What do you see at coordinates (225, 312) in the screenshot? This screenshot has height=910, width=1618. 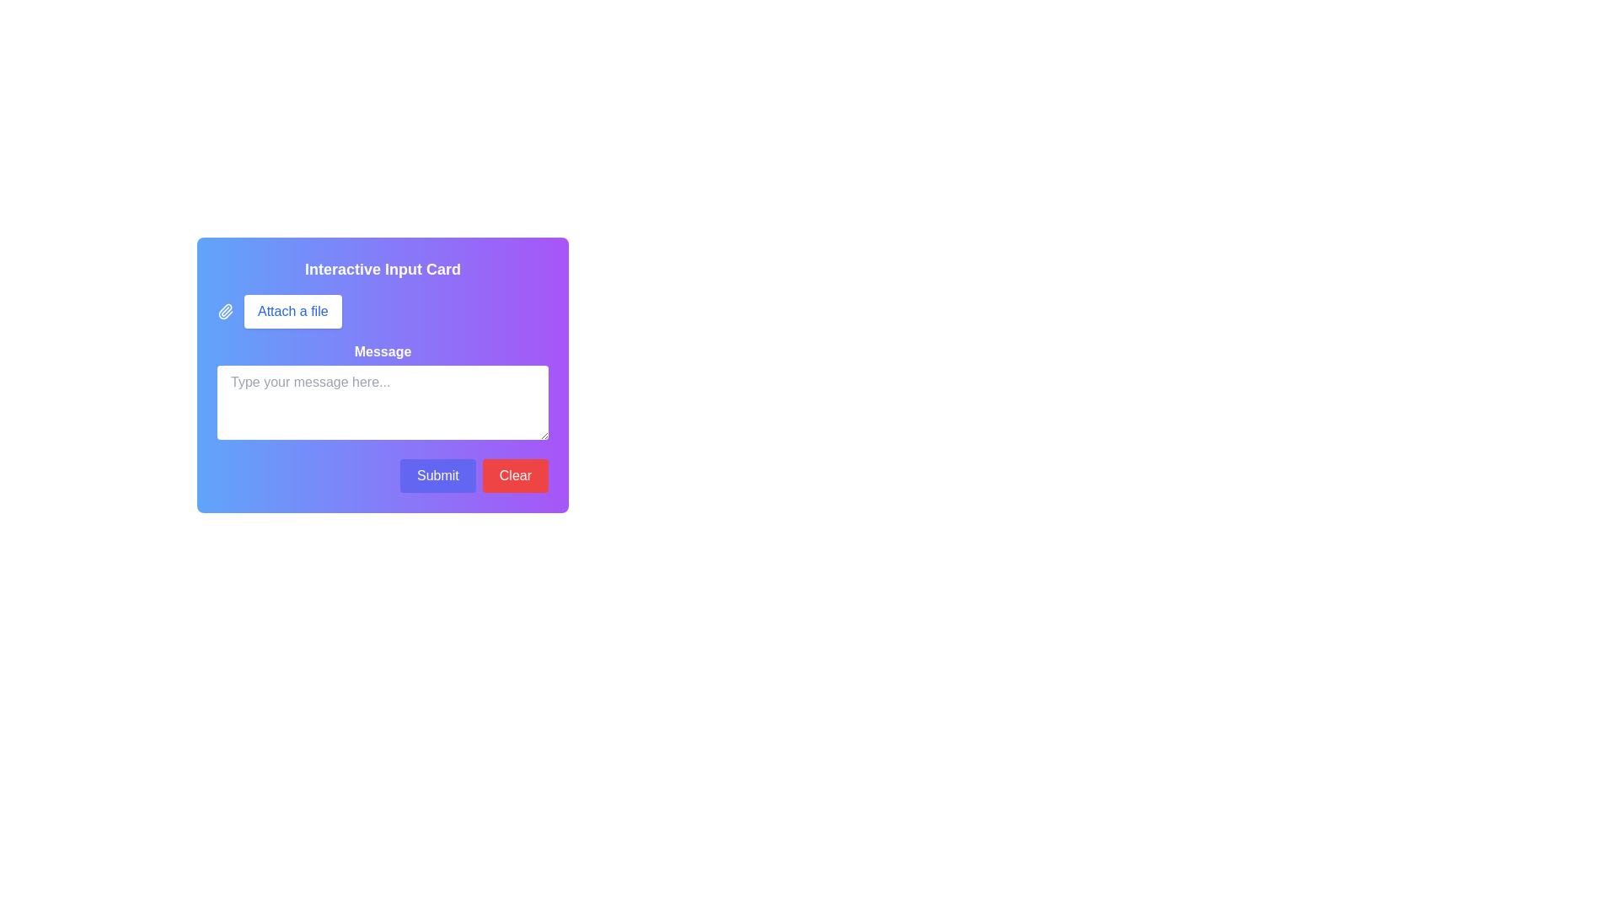 I see `the paperclip icon, which visually indicates the functionality of attaching files, located to the left of the 'Attach a file' button` at bounding box center [225, 312].